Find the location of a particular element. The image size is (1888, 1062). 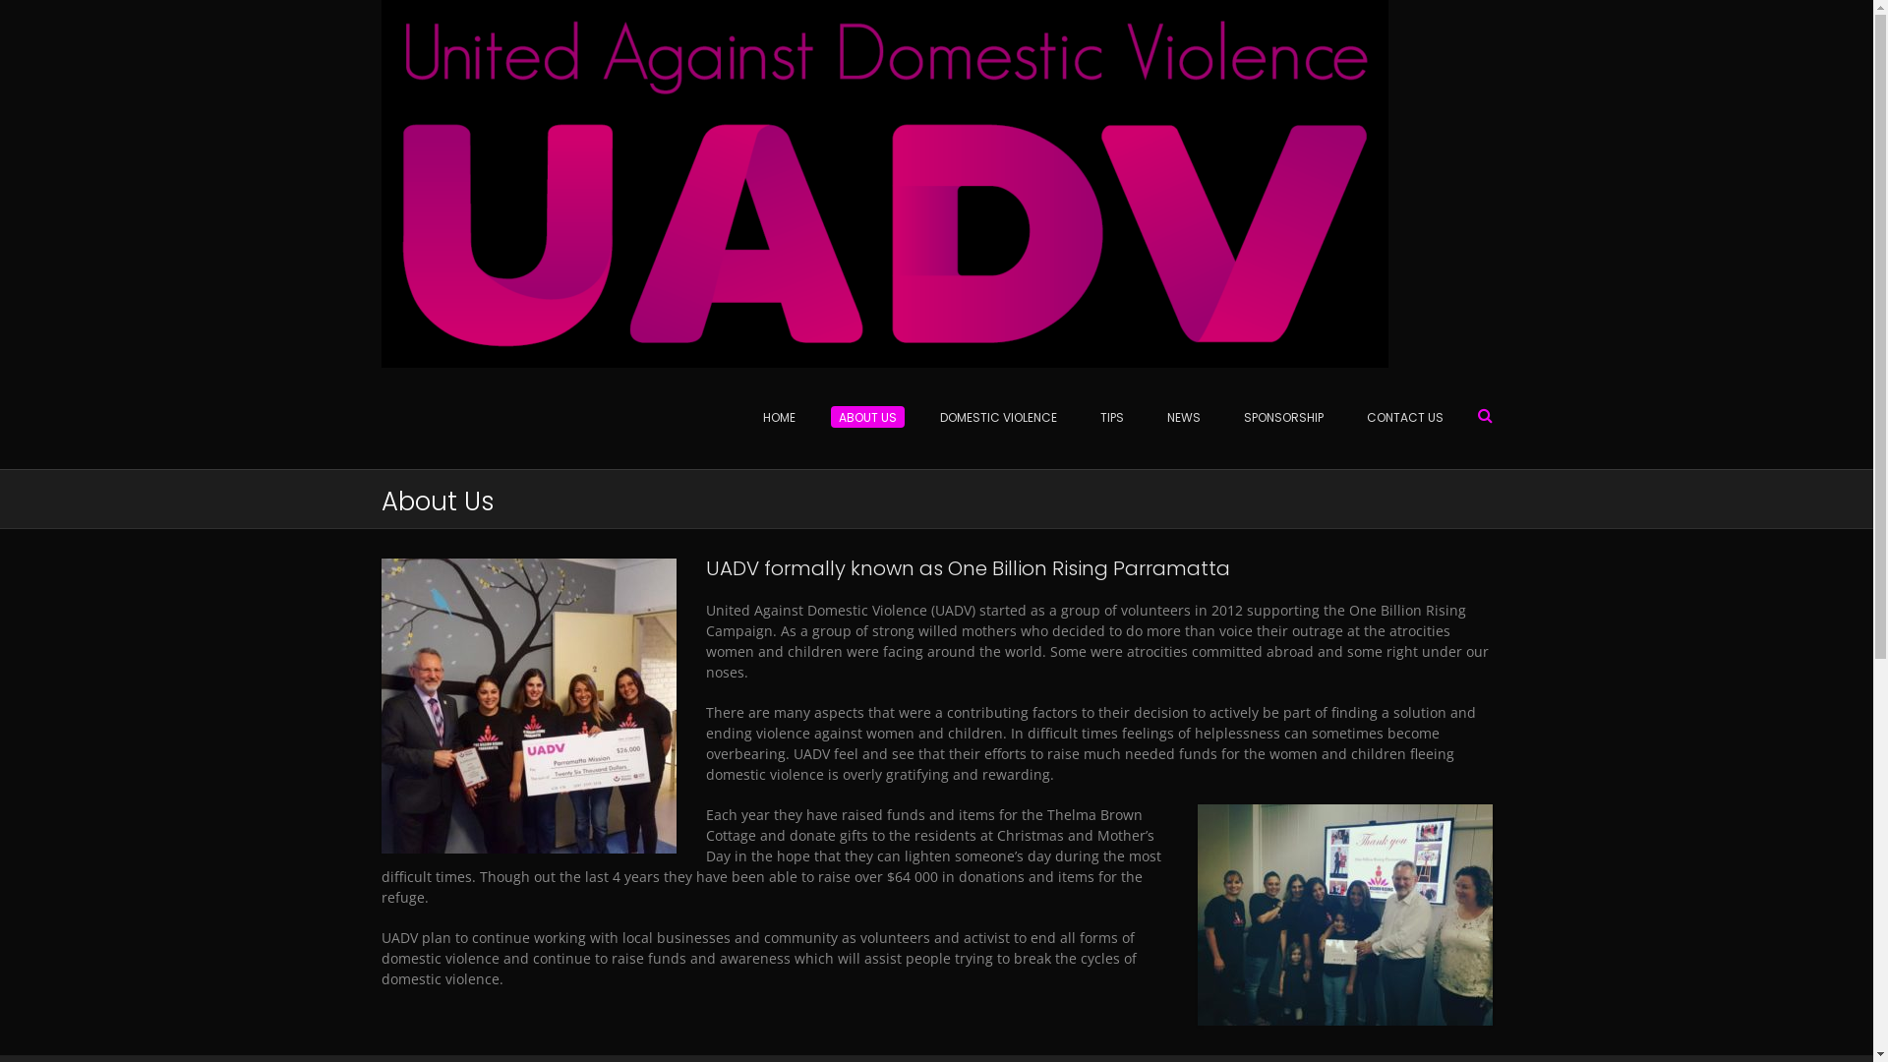

'DOMESTIC VIOLENCE' is located at coordinates (998, 417).